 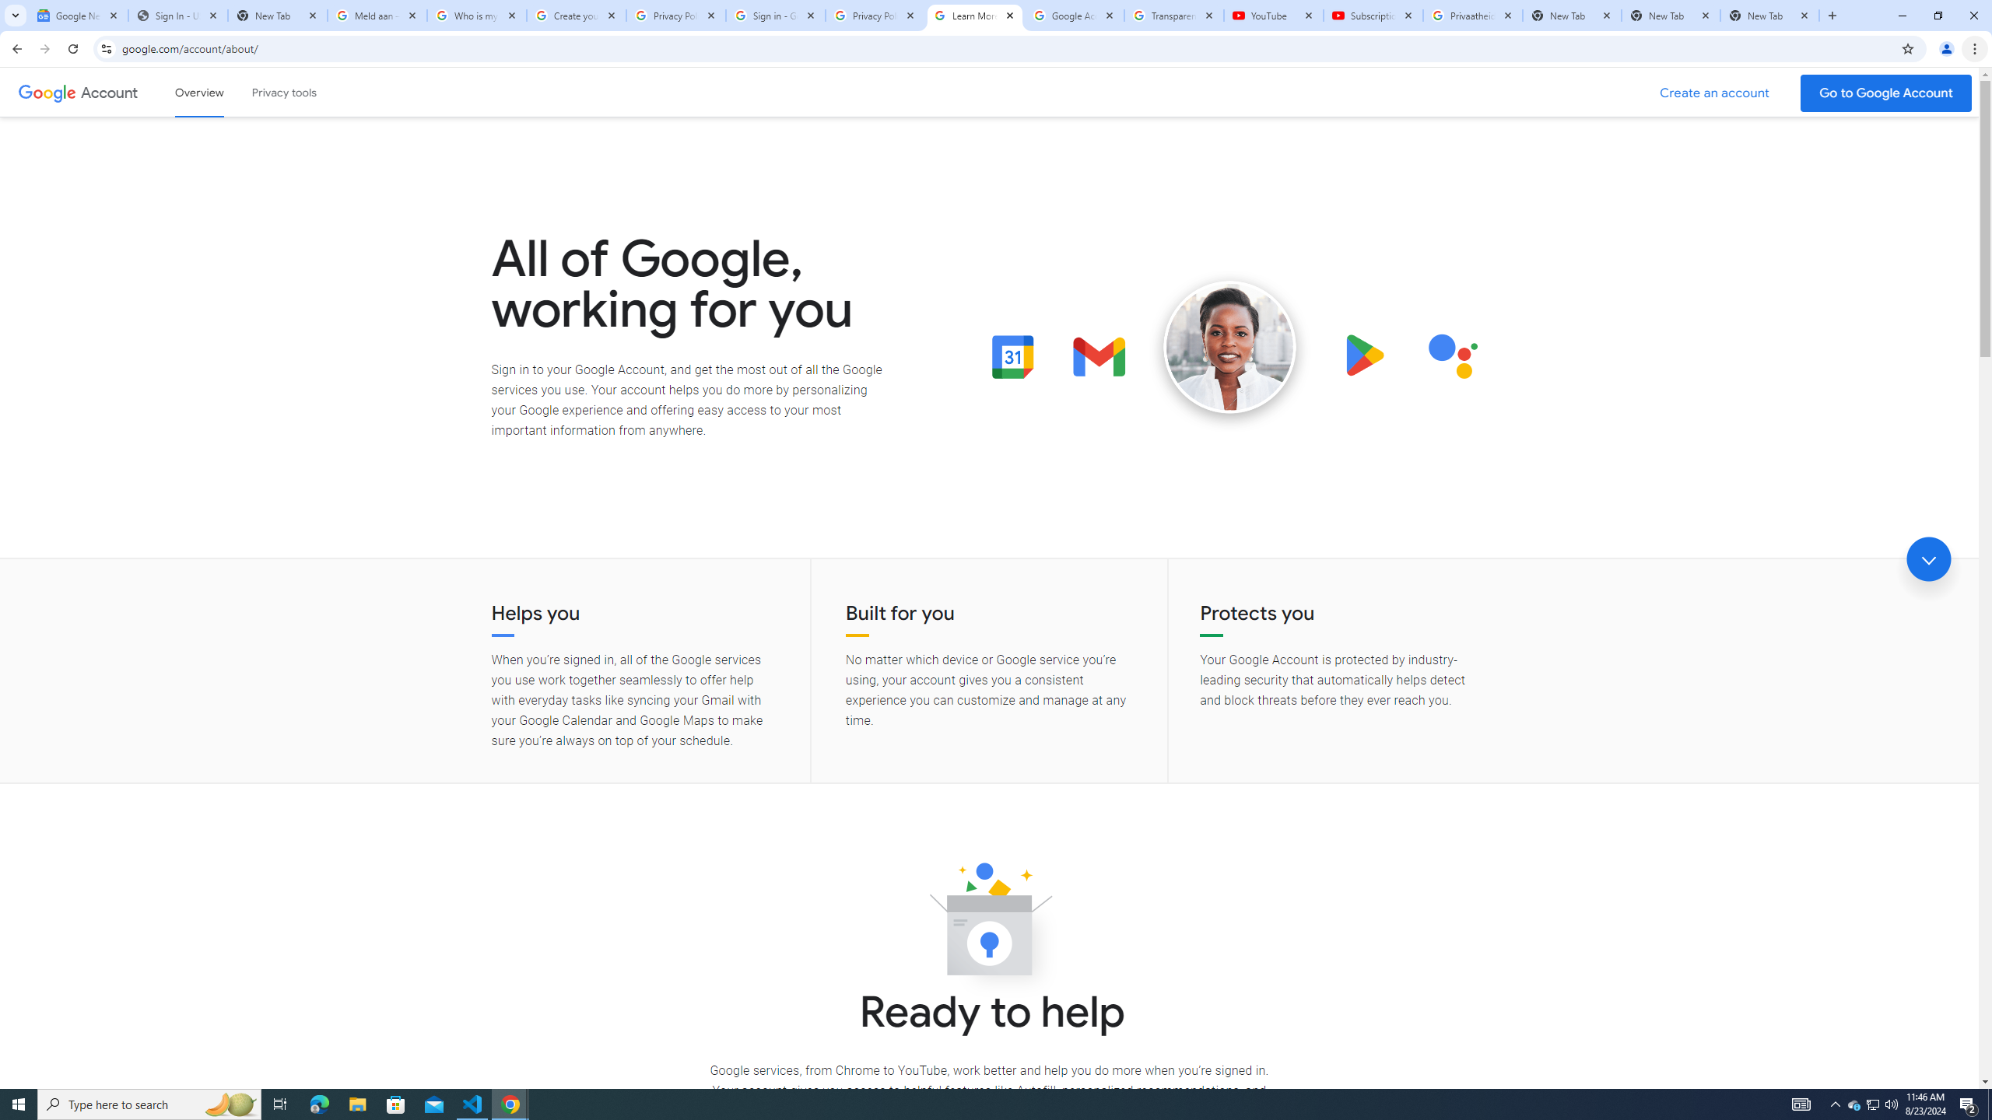 I want to click on 'New Tab', so click(x=1769, y=15).